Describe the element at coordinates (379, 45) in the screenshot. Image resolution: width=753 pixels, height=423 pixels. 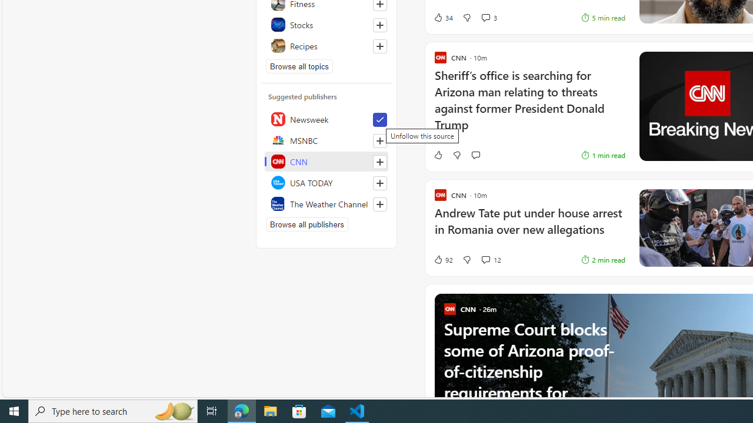
I see `'Follow this topic'` at that location.